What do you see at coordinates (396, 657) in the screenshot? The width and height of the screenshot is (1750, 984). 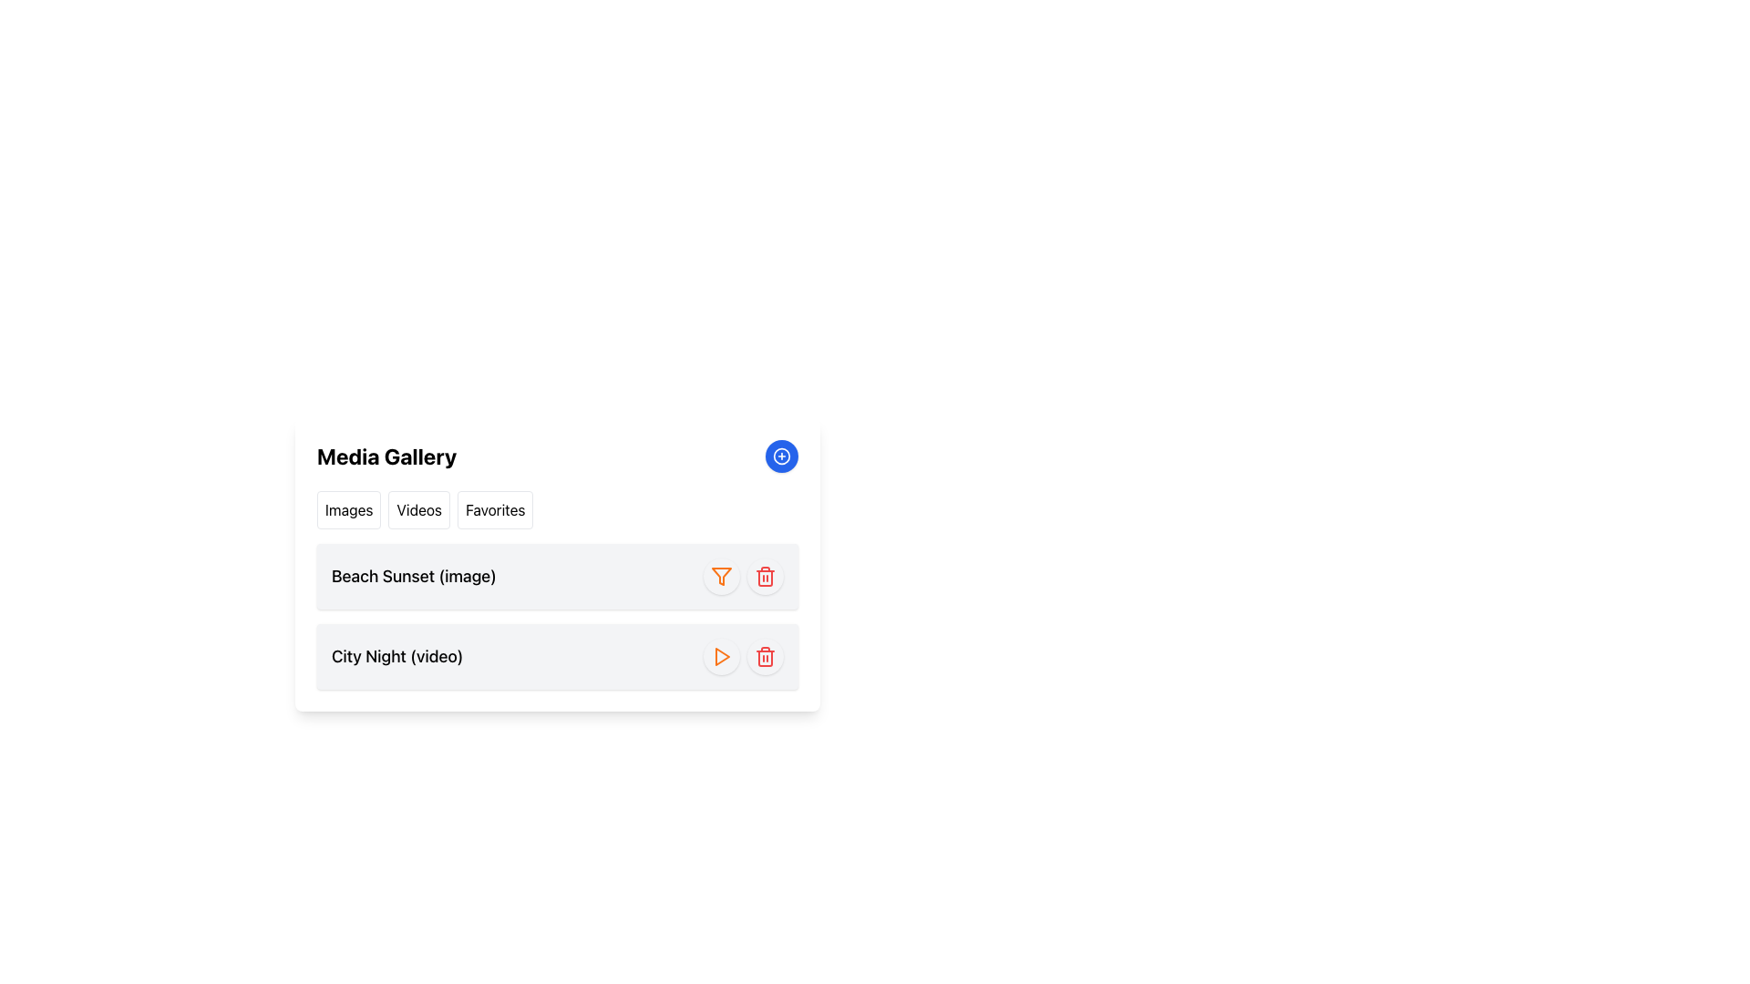 I see `the text label 'City Night (video)', which is the title of the second entry in a media gallery list, located to the left of interactive buttons` at bounding box center [396, 657].